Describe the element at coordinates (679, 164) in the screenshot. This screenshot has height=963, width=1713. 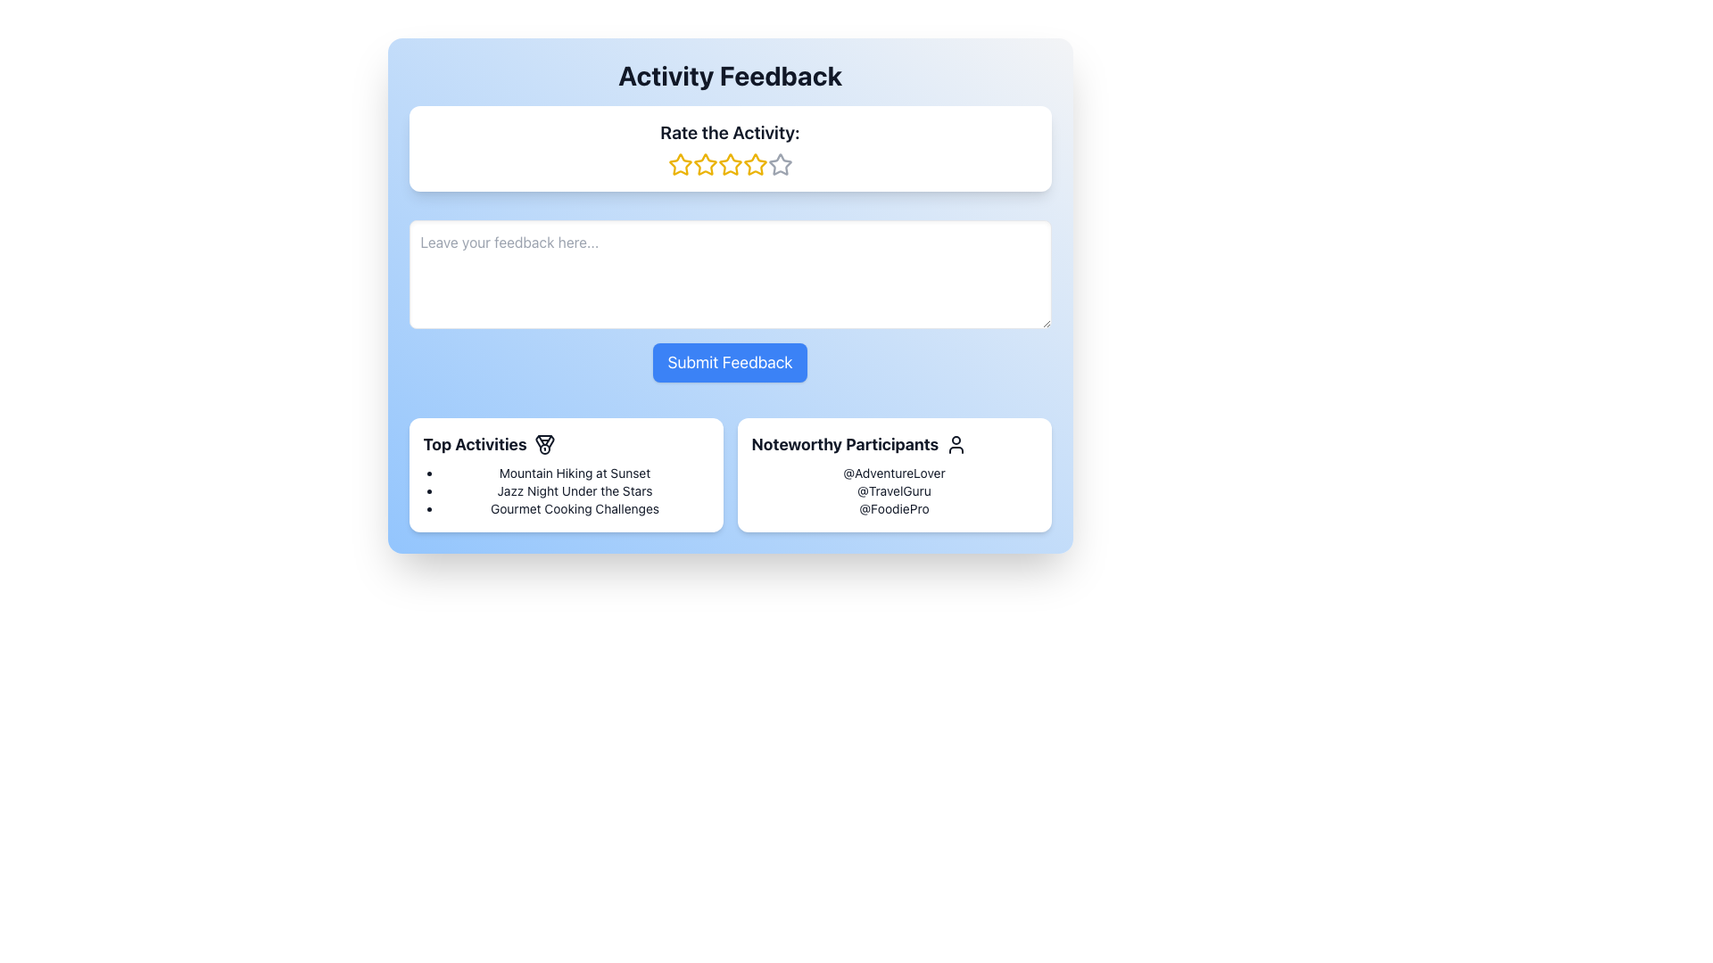
I see `the first yellow star icon in the rating component` at that location.